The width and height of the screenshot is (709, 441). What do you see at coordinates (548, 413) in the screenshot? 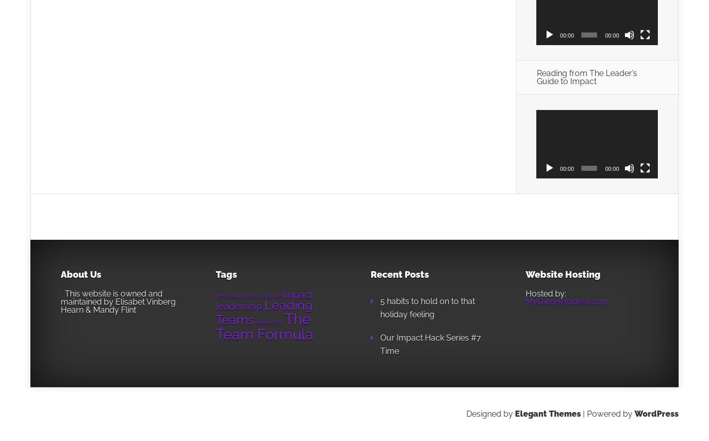
I see `'Elegant Themes'` at bounding box center [548, 413].